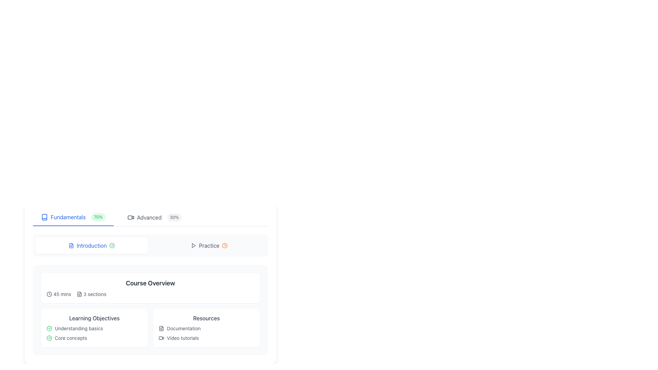 This screenshot has width=658, height=370. I want to click on the displayed percentage value of the Tag showing '70%' in green with a rounded rectangular background, located to the right of the 'Fundamentals' label, so click(98, 217).